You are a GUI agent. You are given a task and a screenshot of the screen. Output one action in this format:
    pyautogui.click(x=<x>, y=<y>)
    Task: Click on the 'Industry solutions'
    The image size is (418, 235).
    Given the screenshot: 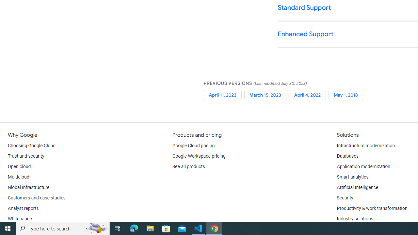 What is the action you would take?
    pyautogui.click(x=354, y=219)
    